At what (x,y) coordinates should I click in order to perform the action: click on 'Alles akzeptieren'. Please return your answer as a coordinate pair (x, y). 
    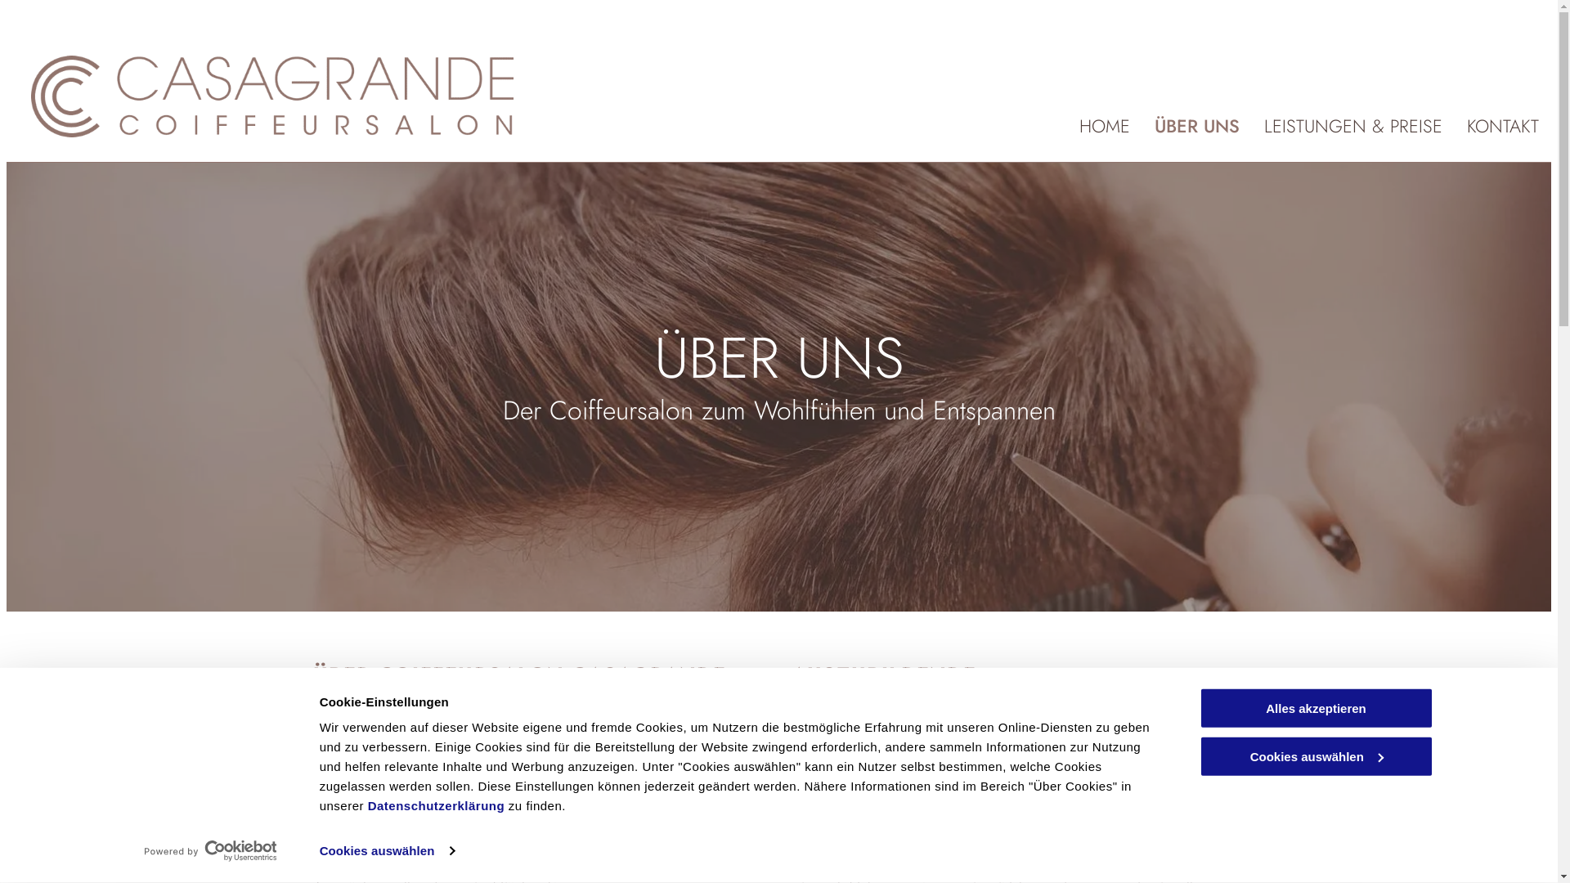
    Looking at the image, I should click on (1315, 707).